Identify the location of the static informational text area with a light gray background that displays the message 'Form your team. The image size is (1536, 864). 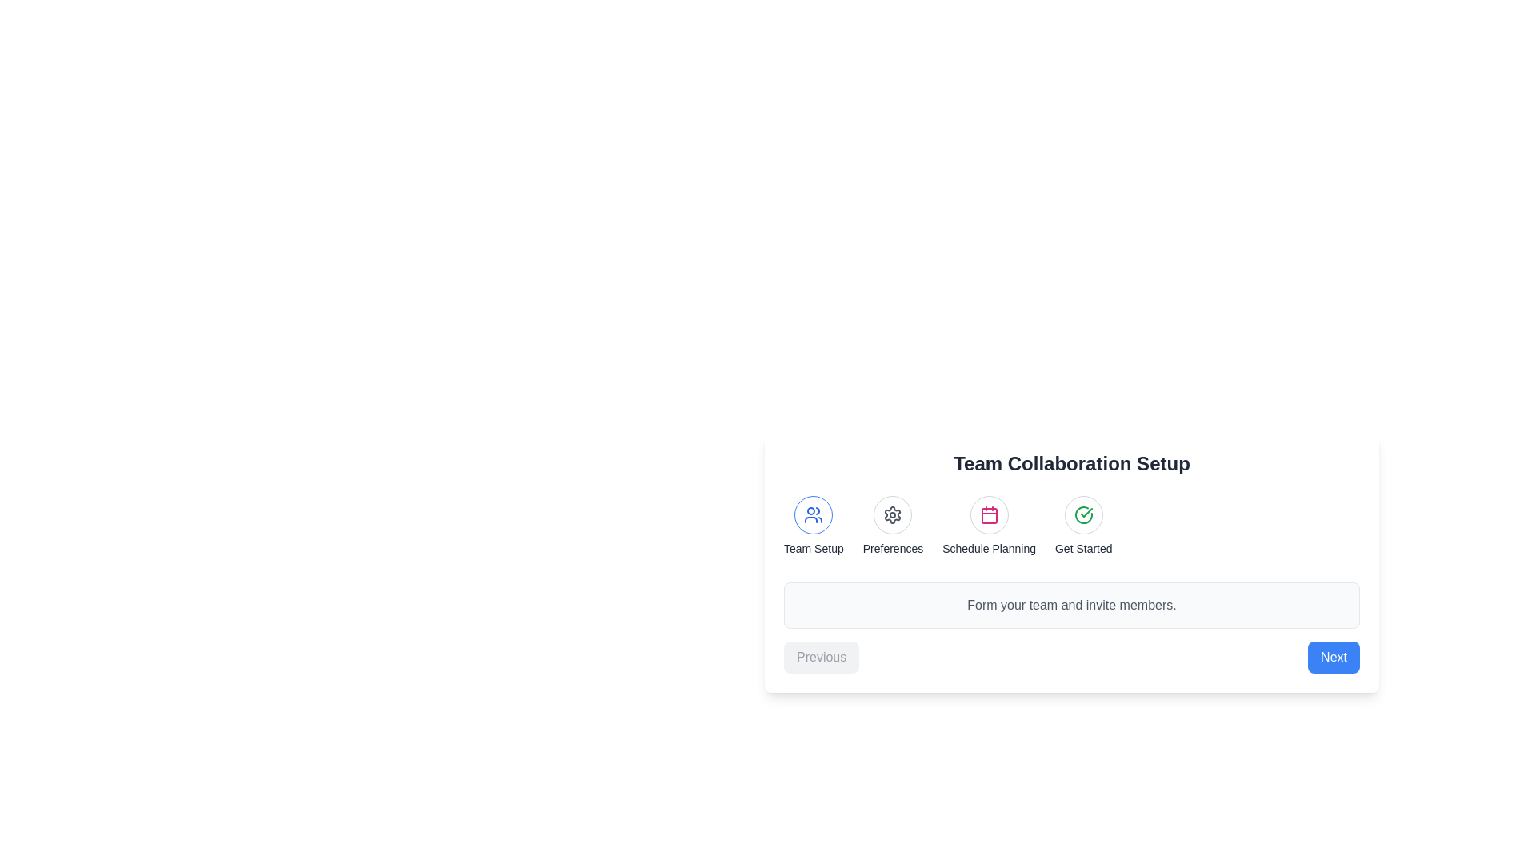
(1071, 605).